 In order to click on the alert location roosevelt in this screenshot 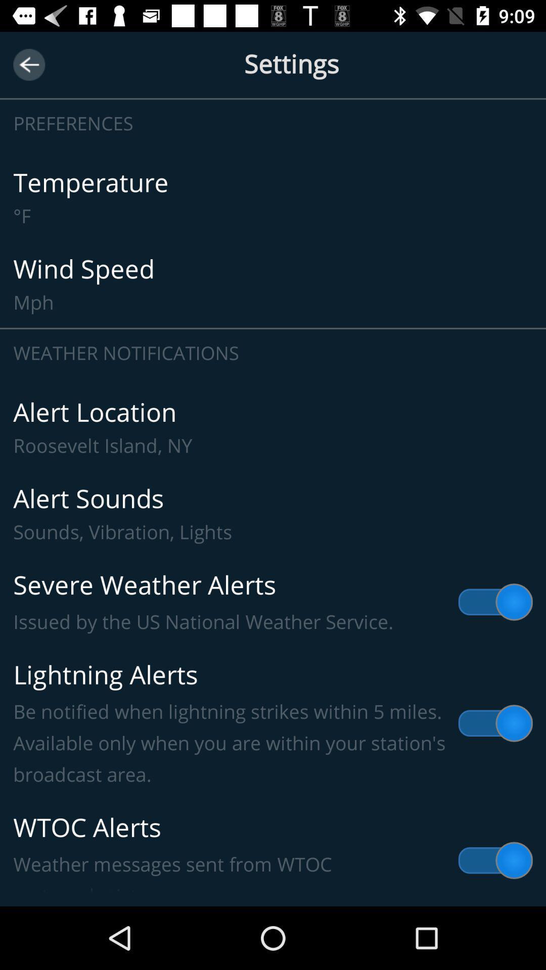, I will do `click(273, 427)`.